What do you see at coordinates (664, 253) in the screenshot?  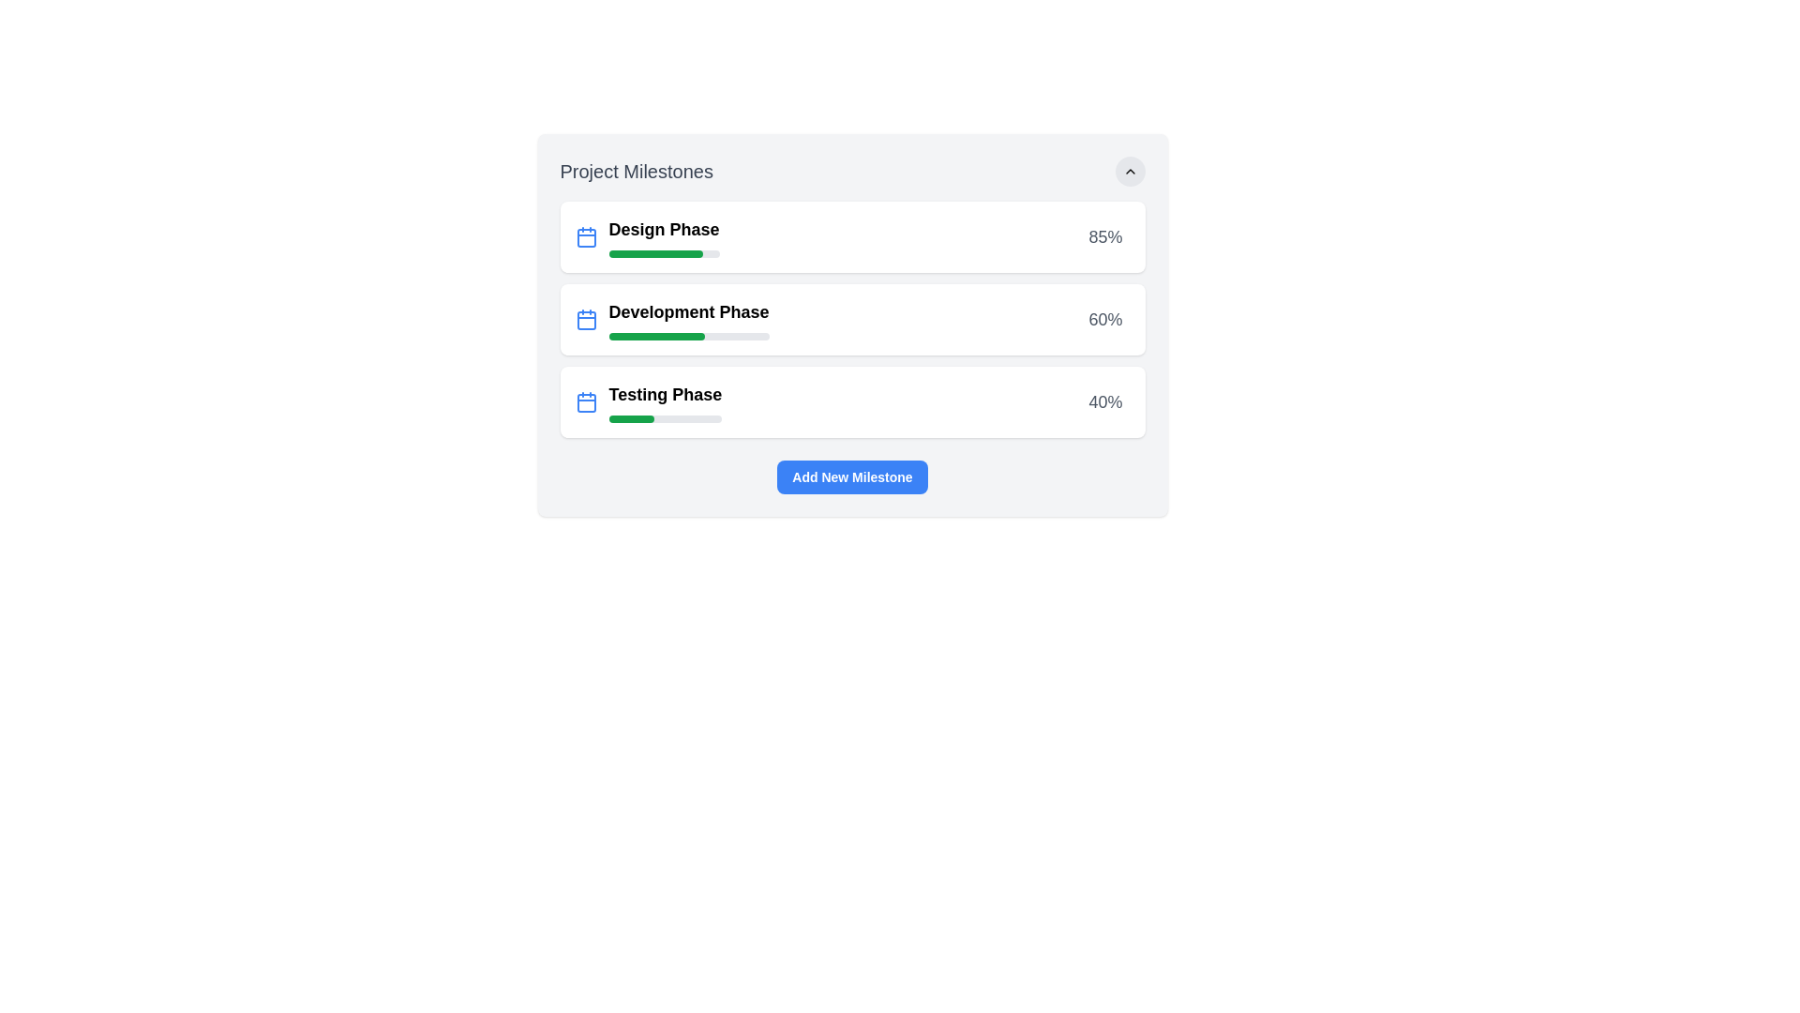 I see `the progress bar located in the 'Design Phase' section of the 'Project Milestones' card, which is visually distinct with a light gray background and a bright green filled portion indicating 85% progress` at bounding box center [664, 253].